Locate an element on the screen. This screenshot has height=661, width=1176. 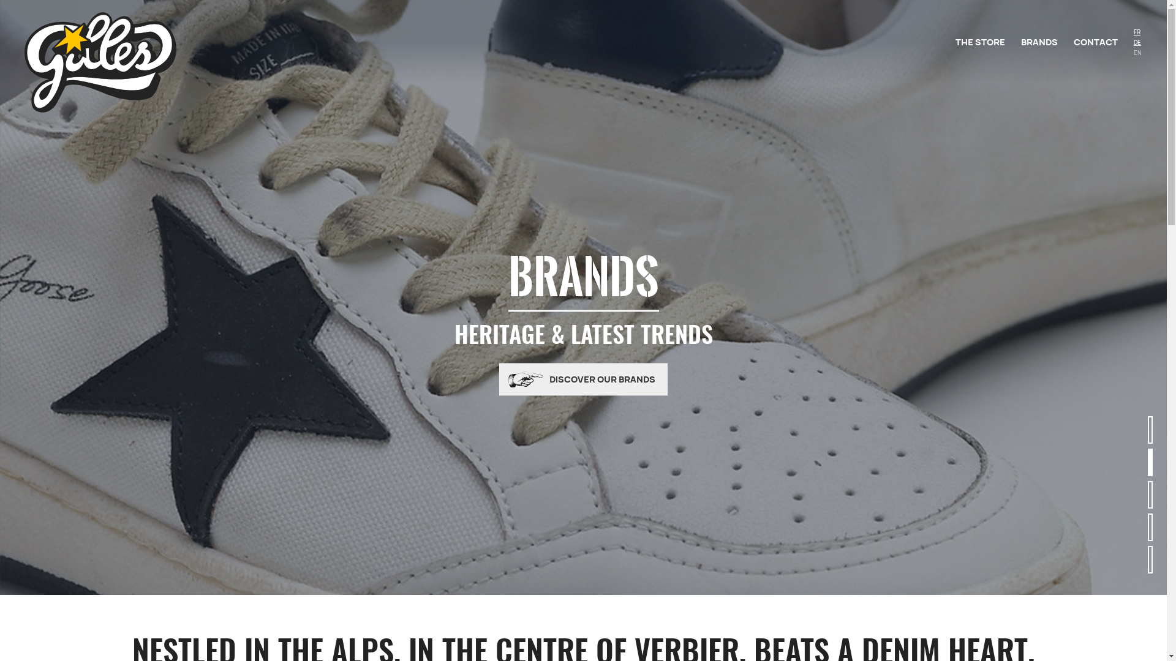
'BRANDS' is located at coordinates (1039, 42).